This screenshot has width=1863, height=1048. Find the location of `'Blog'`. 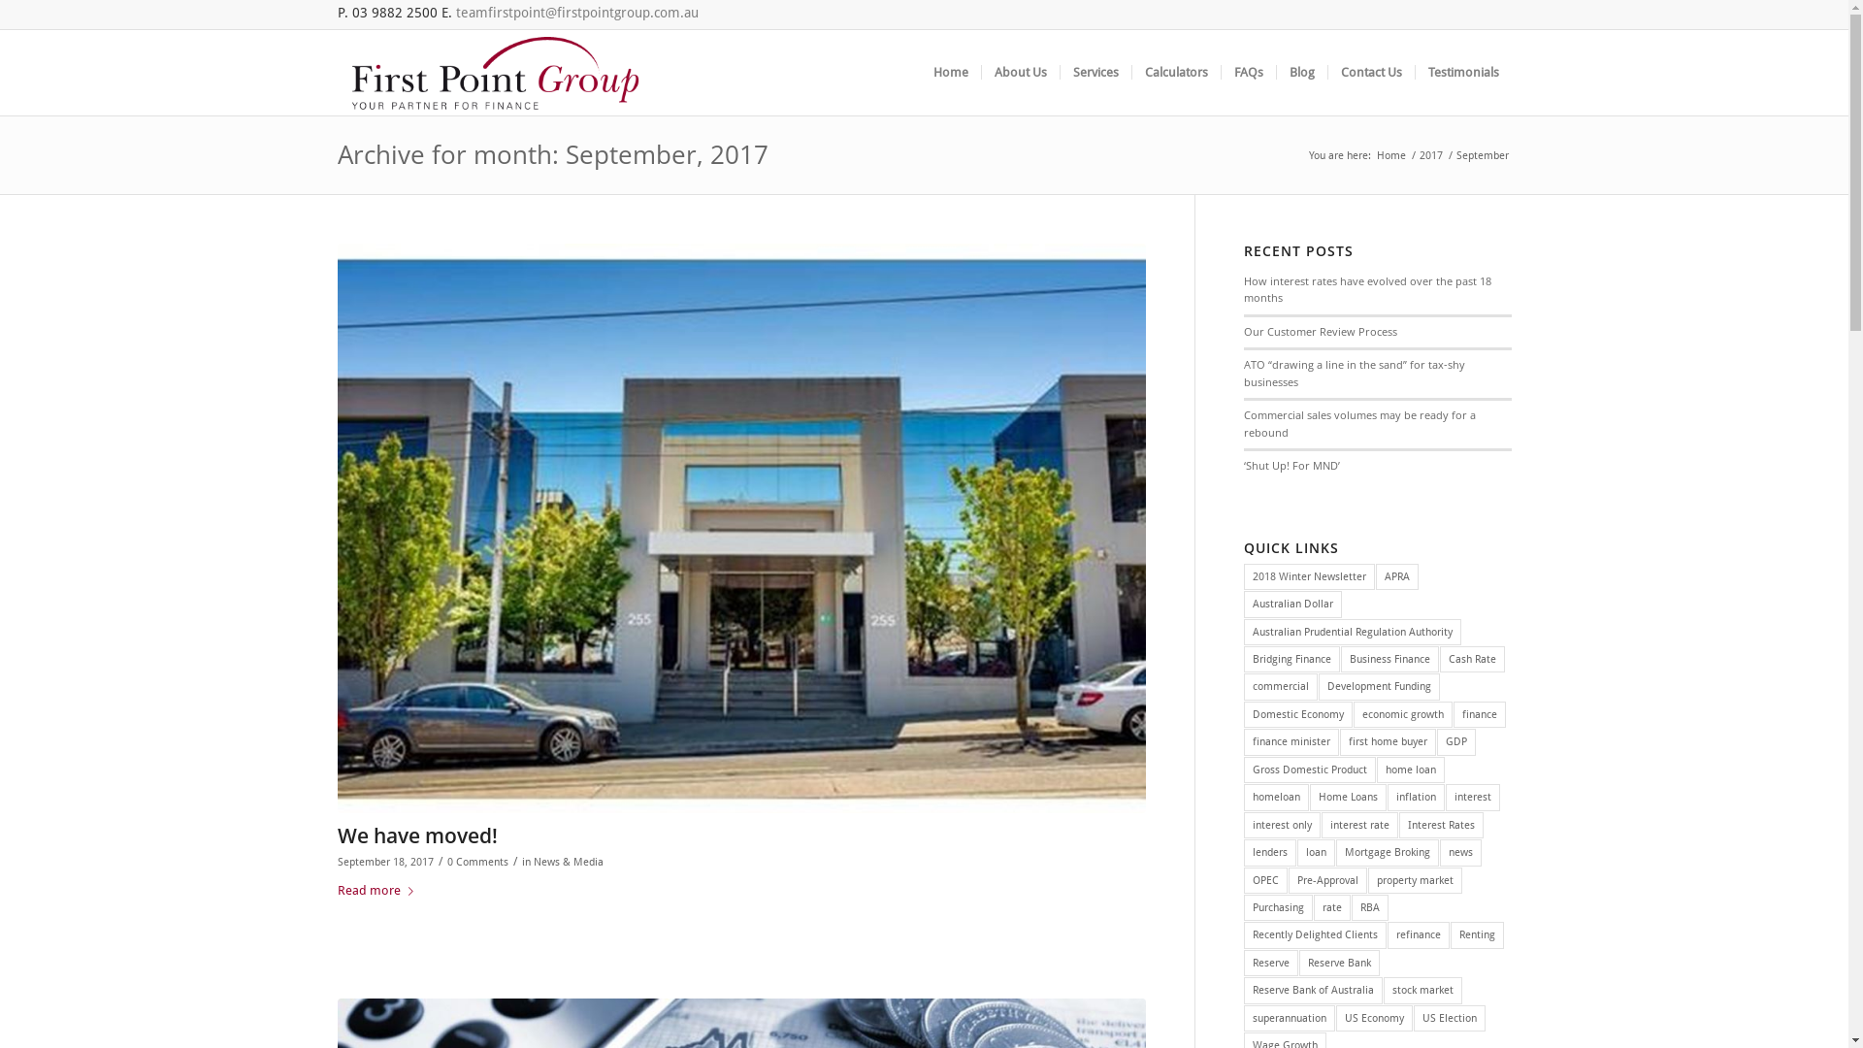

'Blog' is located at coordinates (1300, 71).